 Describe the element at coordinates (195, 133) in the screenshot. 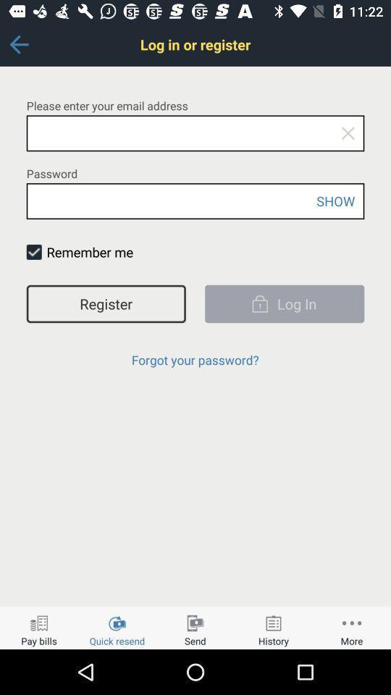

I see `email id` at that location.